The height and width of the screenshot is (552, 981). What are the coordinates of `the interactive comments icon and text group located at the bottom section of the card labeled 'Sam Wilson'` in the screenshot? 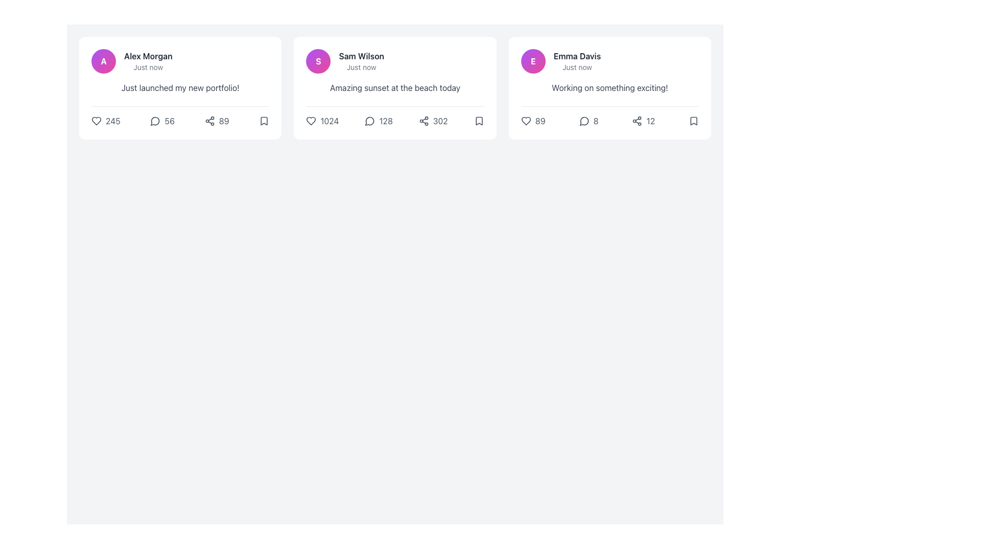 It's located at (378, 120).